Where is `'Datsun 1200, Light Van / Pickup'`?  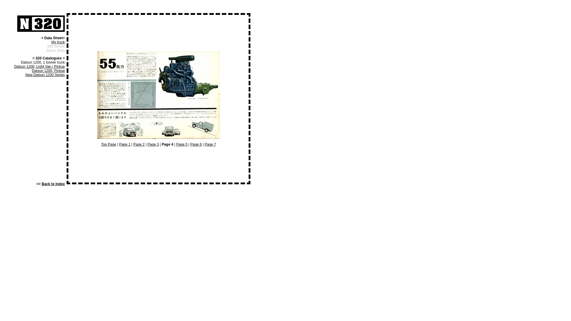
'Datsun 1200, Light Van / Pickup' is located at coordinates (14, 66).